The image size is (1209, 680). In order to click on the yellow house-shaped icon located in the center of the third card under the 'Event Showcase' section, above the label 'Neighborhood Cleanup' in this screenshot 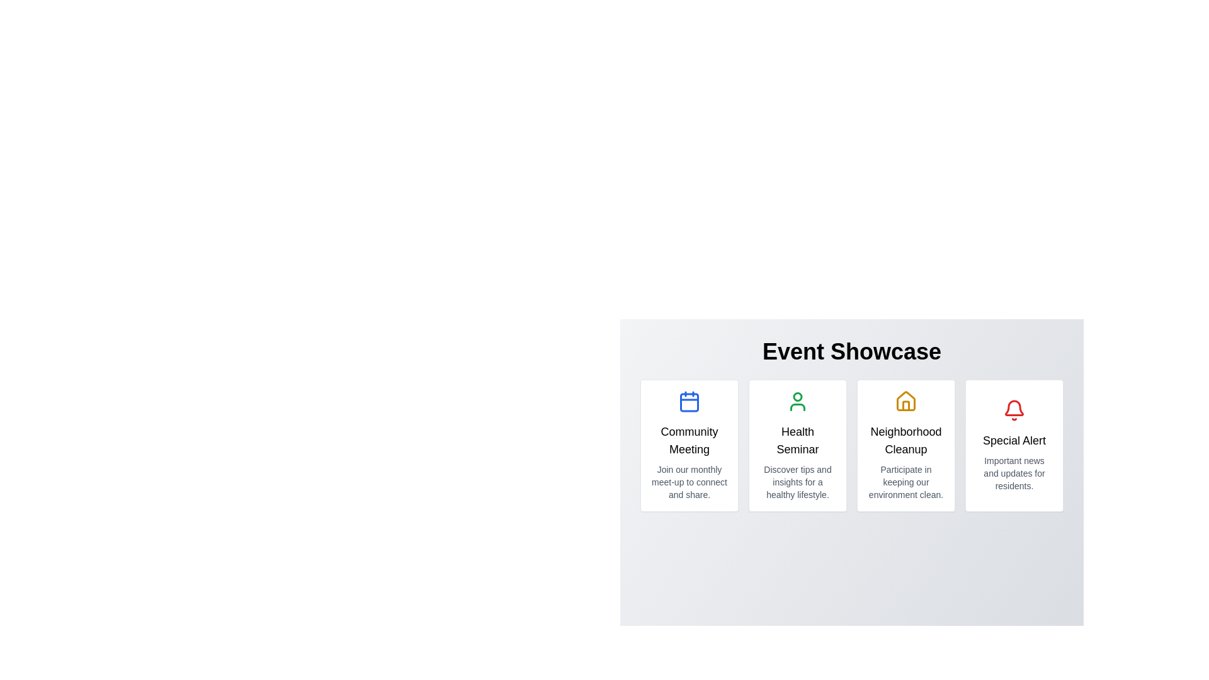, I will do `click(905, 400)`.